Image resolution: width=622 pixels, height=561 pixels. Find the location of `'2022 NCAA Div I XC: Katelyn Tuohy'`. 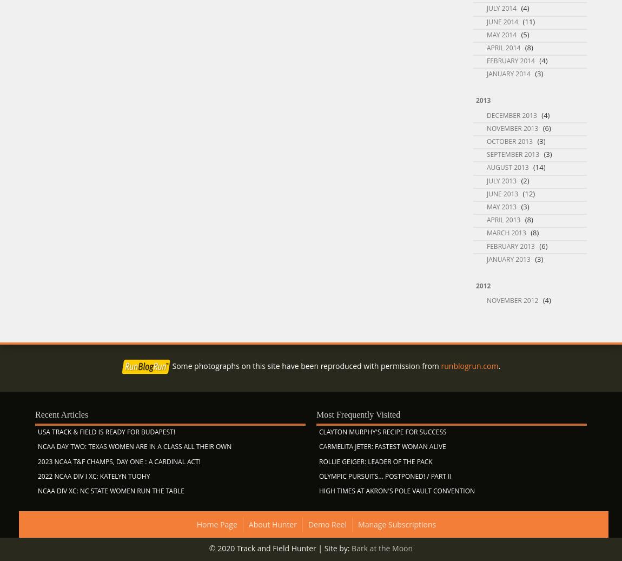

'2022 NCAA Div I XC: Katelyn Tuohy' is located at coordinates (93, 476).